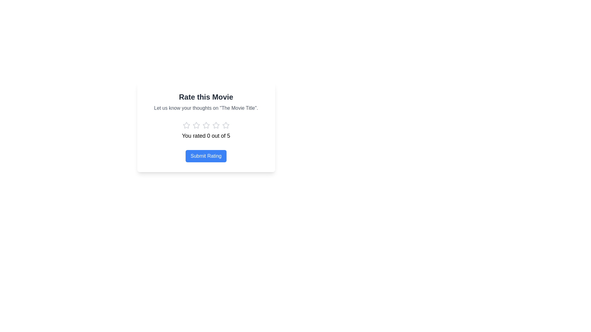  I want to click on the fifth gray star-shaped rating icon in the row, so click(216, 125).